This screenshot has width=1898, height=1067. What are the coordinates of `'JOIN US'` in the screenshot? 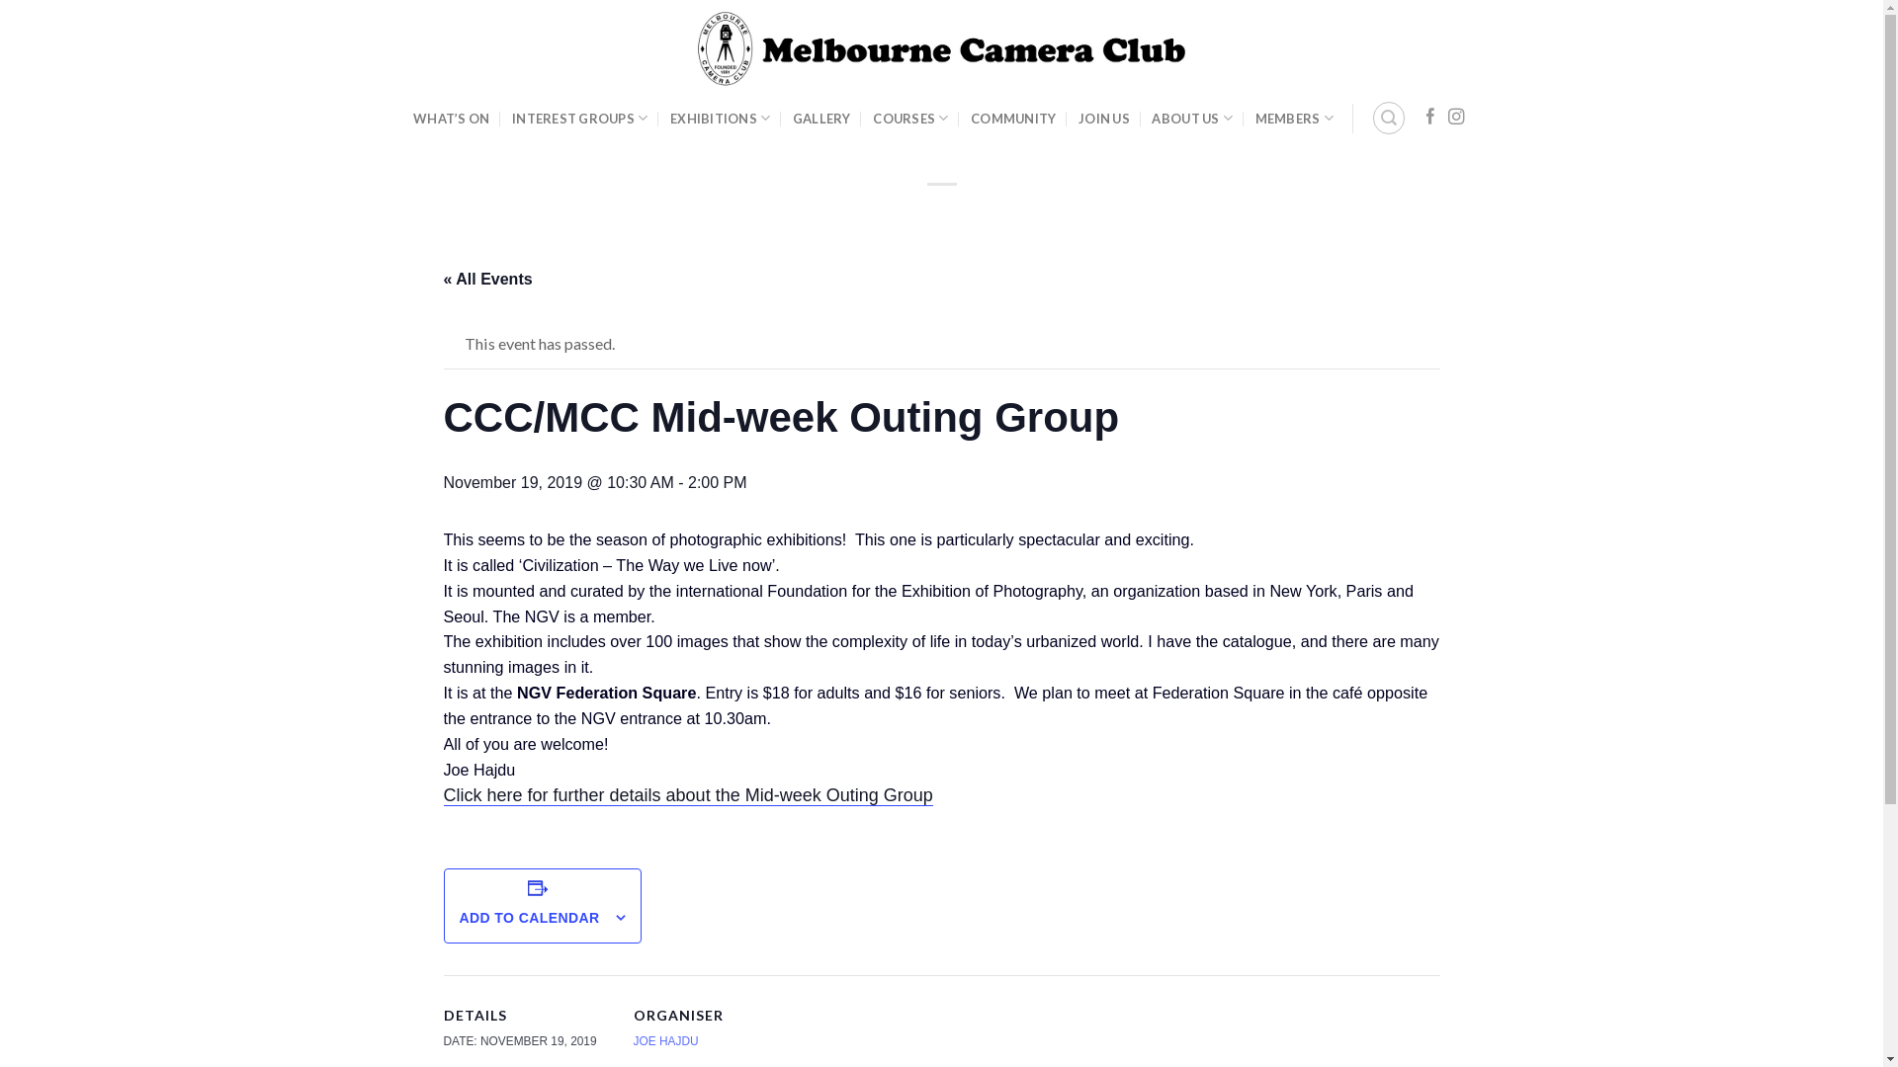 It's located at (1103, 118).